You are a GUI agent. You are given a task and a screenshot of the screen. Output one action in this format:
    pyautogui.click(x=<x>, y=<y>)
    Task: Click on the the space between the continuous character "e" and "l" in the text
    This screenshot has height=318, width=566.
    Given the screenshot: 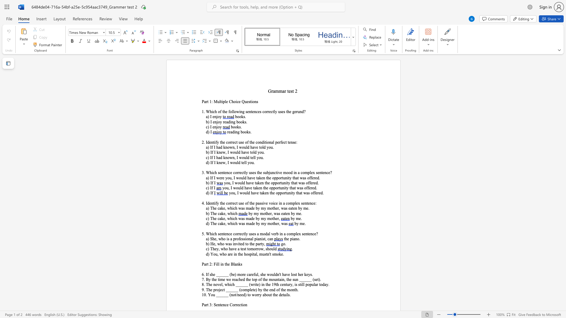 What is the action you would take?
    pyautogui.click(x=244, y=163)
    